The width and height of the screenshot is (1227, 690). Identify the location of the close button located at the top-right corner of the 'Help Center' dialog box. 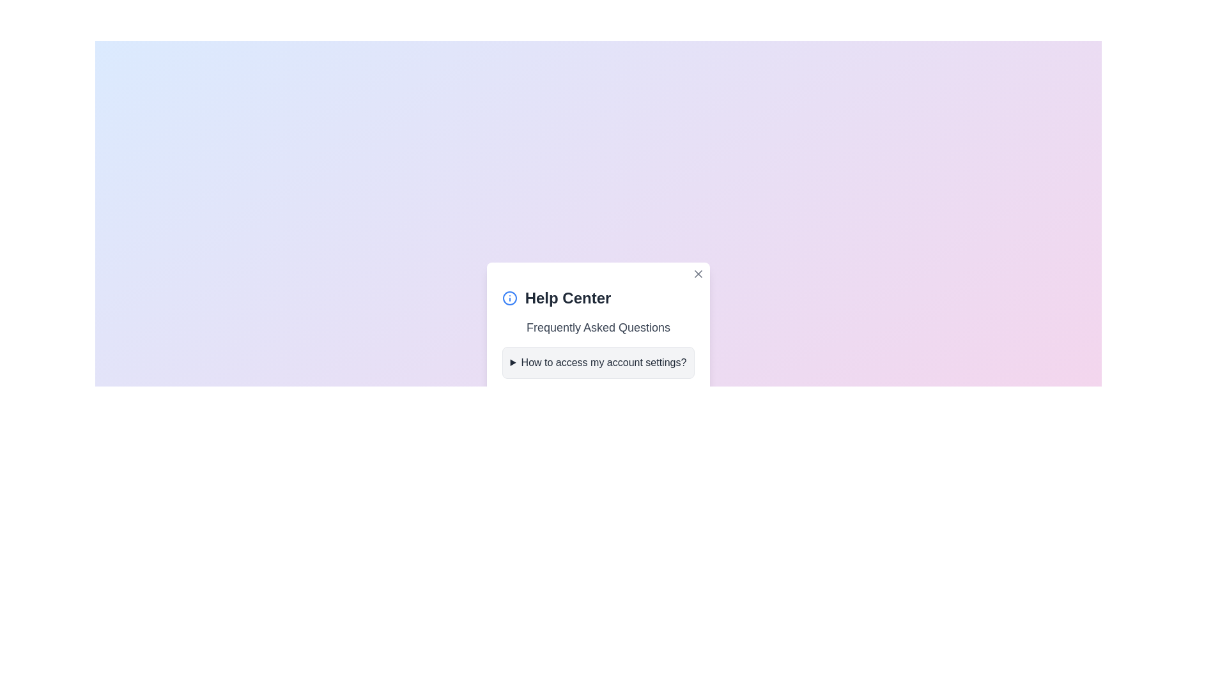
(698, 273).